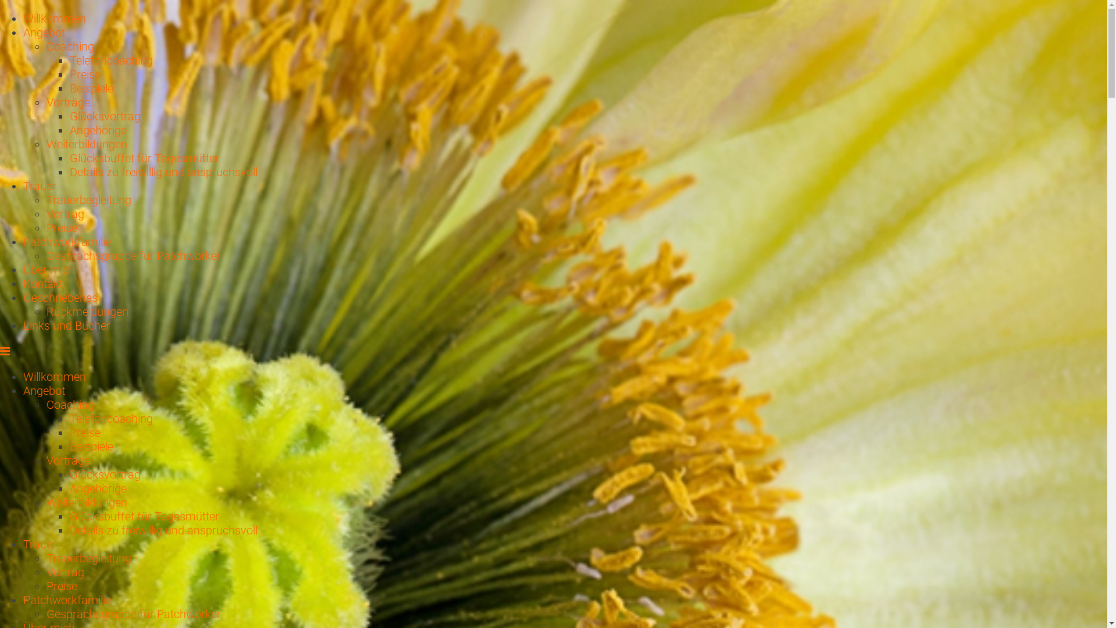 The height and width of the screenshot is (628, 1116). Describe the element at coordinates (163, 530) in the screenshot. I see `'Details zu freiwillig und anspruchsvoll'` at that location.